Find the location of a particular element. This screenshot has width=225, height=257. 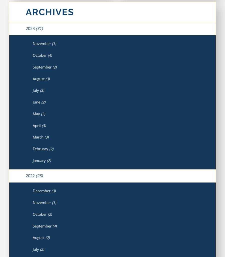

'Map & Directions [+]' is located at coordinates (136, 223).